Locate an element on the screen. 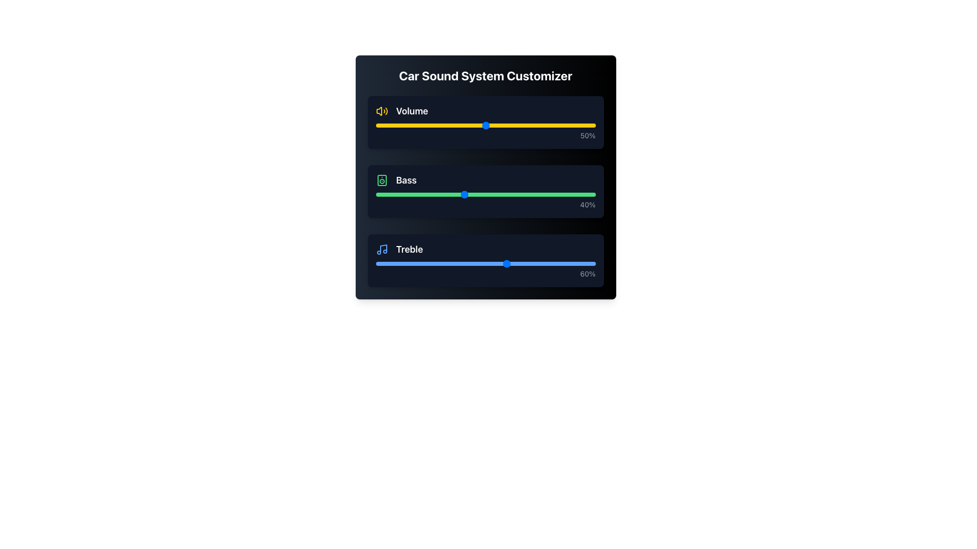 The image size is (977, 549). the bass level is located at coordinates (531, 194).